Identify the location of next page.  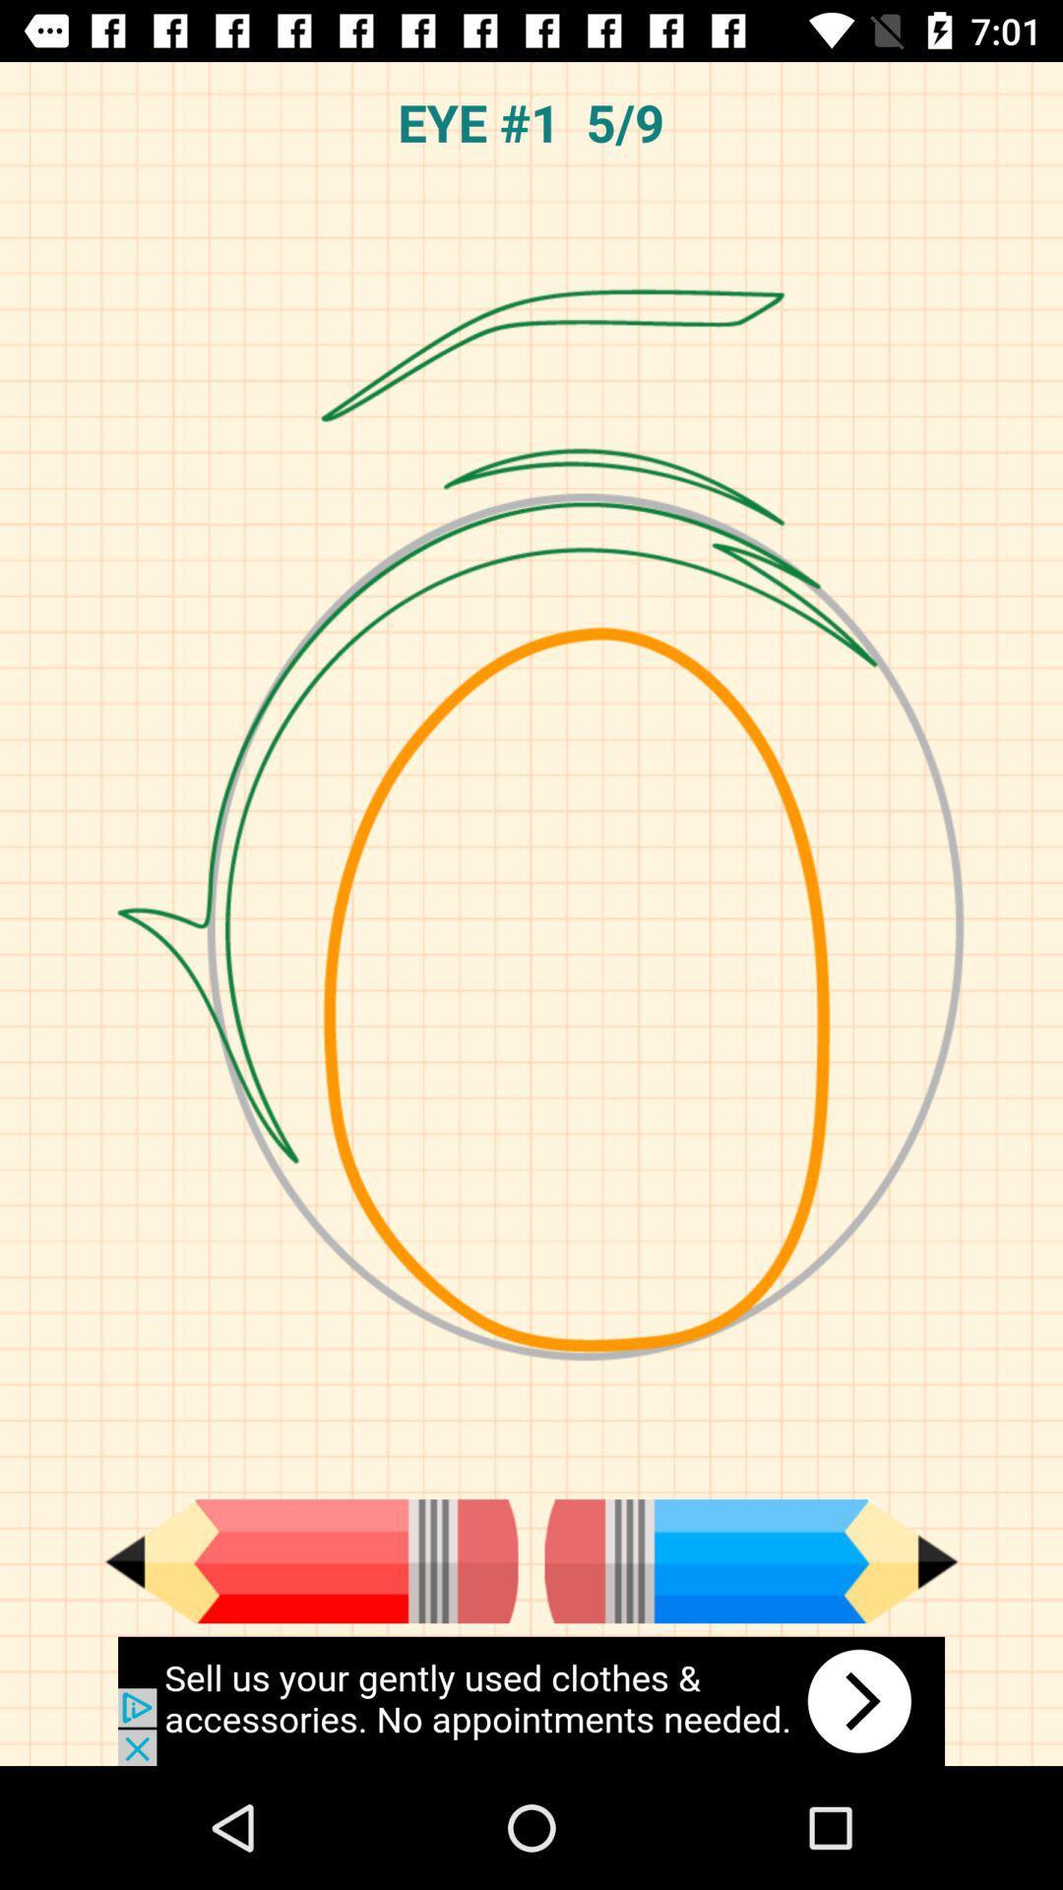
(751, 1560).